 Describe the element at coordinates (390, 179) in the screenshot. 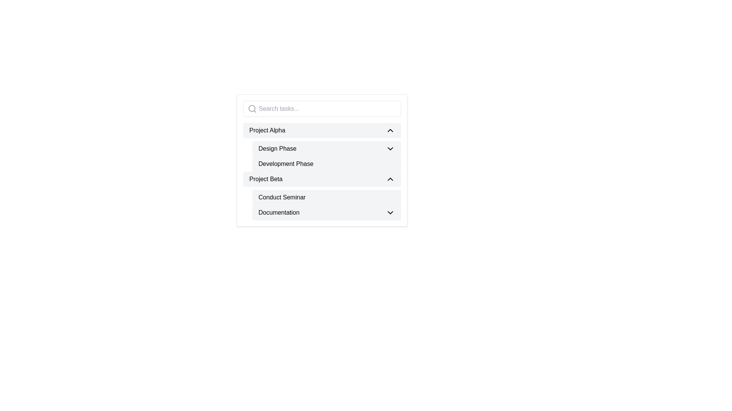

I see `the upward-pointing chevron icon located in the top-right corner of the 'Project Beta' item` at that location.